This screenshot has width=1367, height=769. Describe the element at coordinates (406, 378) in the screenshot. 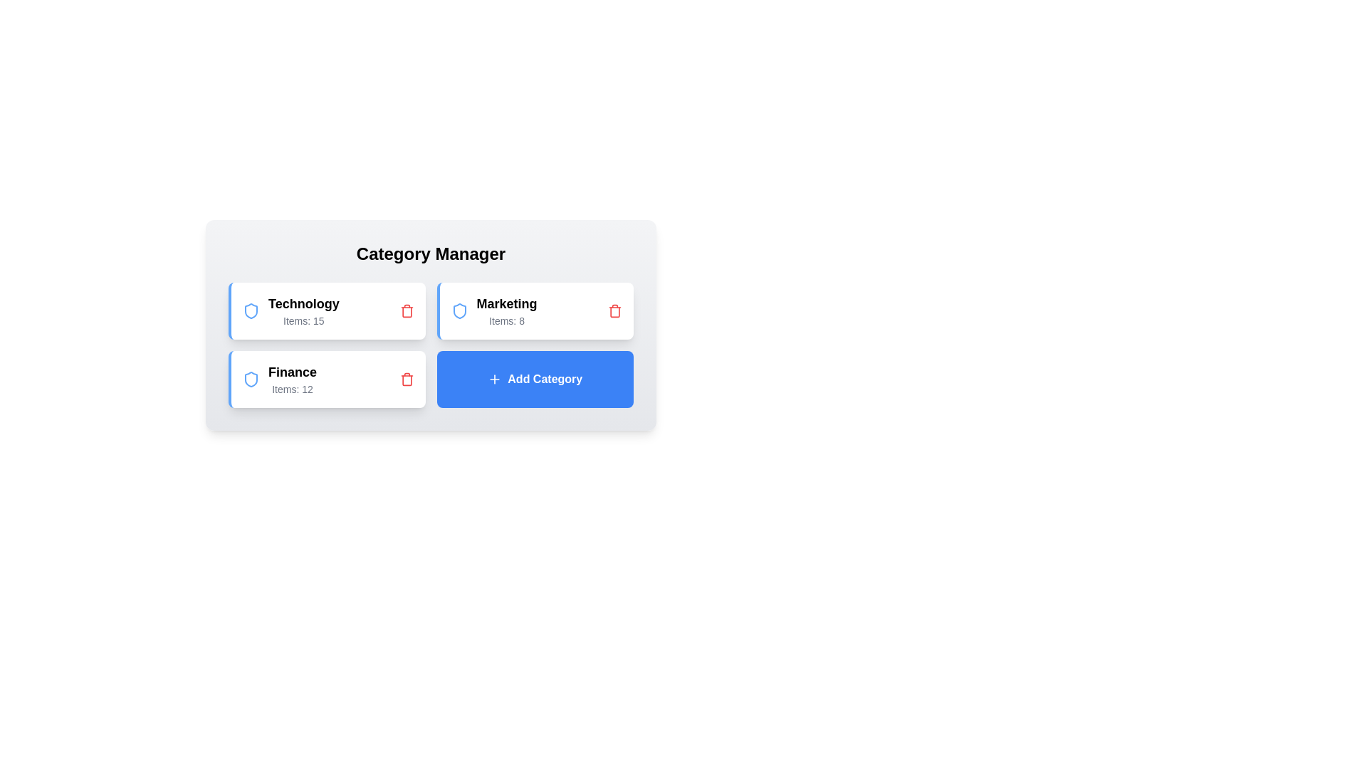

I see `the category by clicking the trash icon for Finance` at that location.